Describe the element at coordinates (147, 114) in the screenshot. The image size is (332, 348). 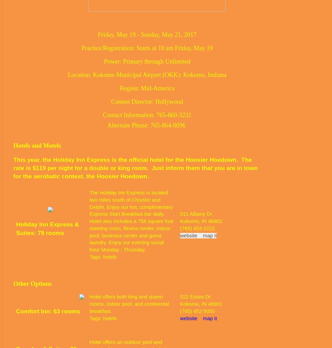
I see `'Contact Information: 765-860-3231'` at that location.